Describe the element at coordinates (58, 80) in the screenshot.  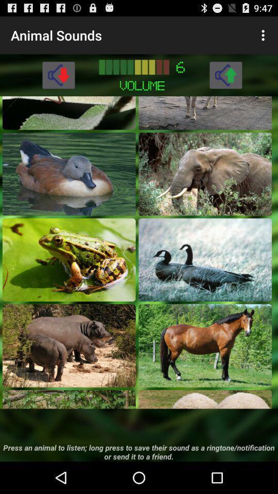
I see `the volume icon` at that location.